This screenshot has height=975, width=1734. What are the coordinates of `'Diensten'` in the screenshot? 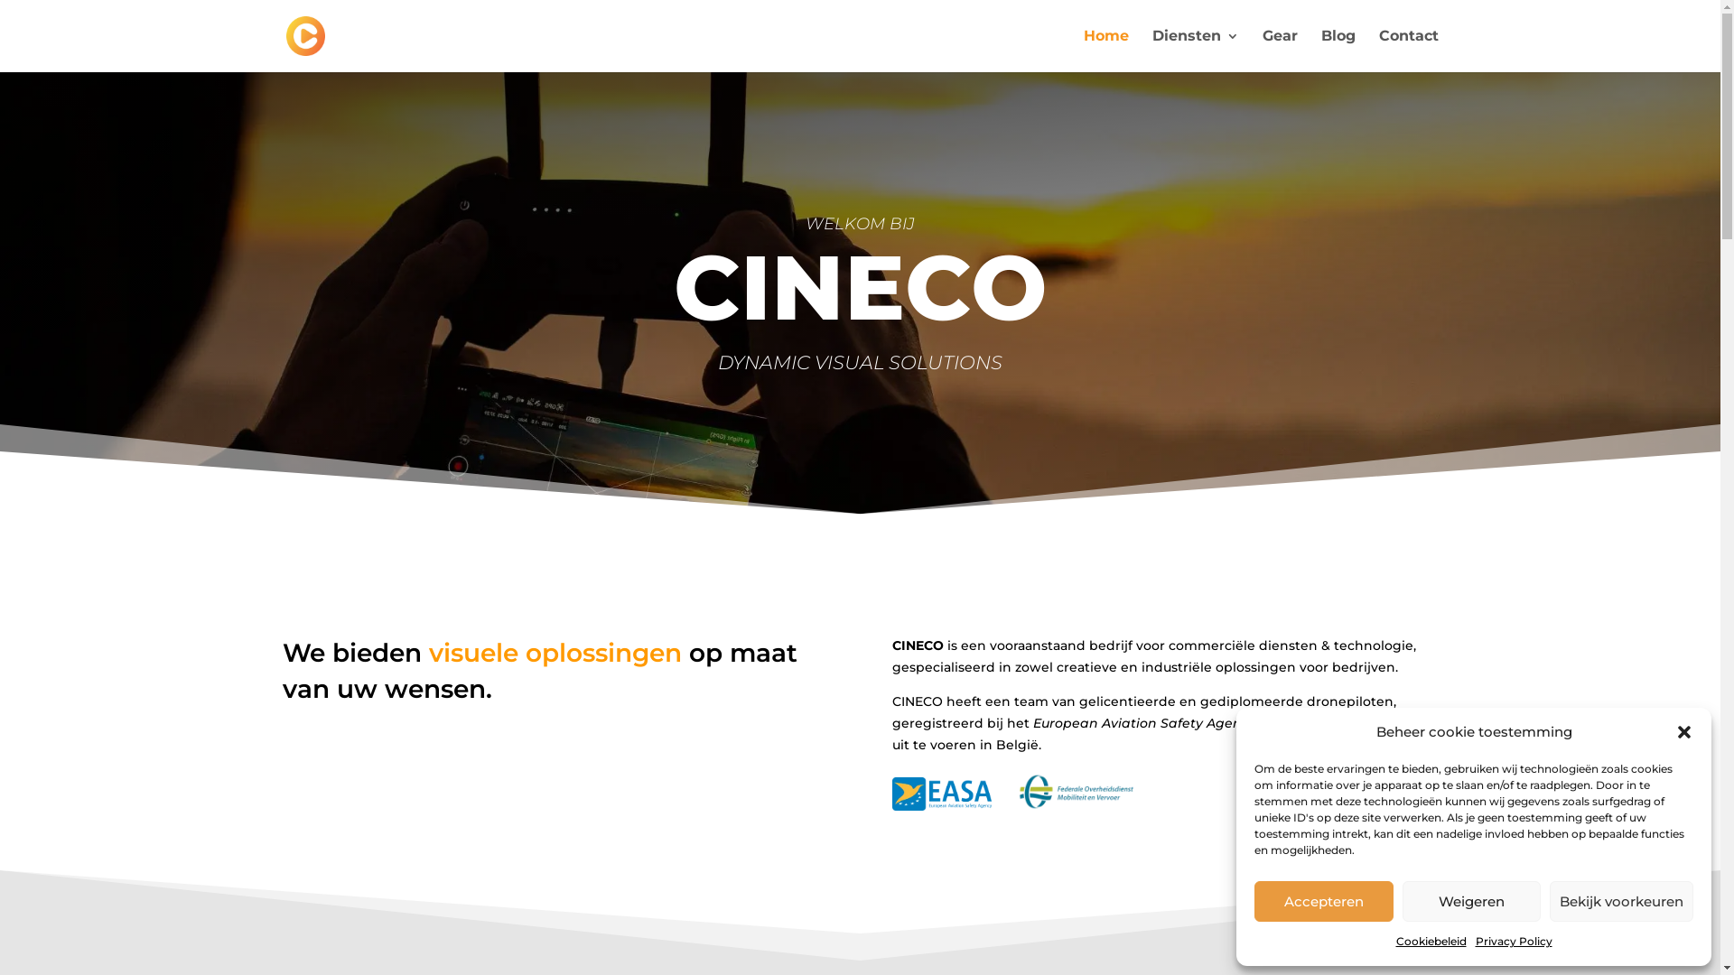 It's located at (1151, 50).